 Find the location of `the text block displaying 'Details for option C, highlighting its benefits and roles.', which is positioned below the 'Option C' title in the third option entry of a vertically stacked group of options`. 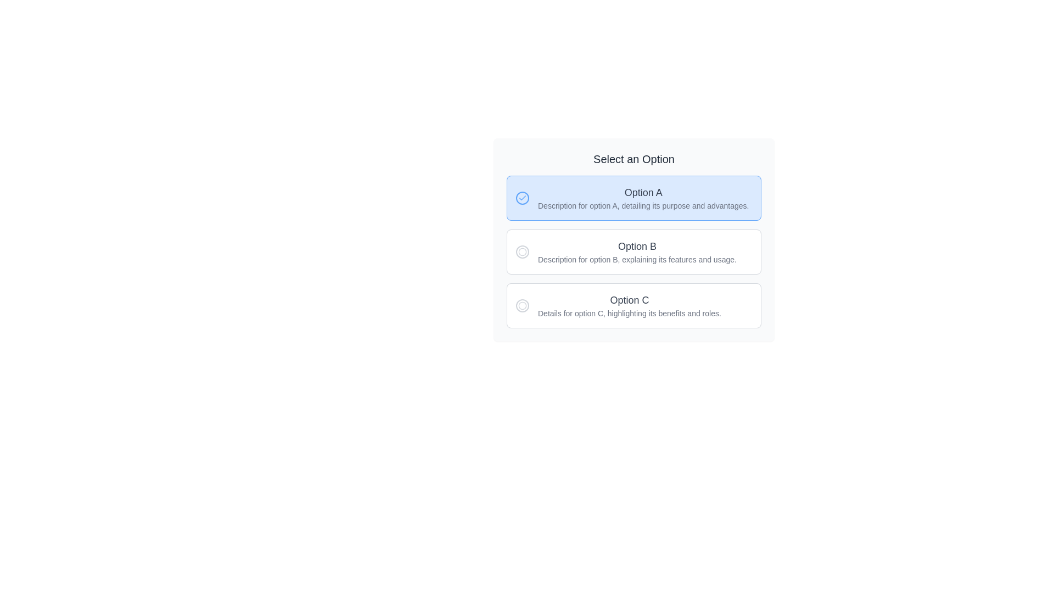

the text block displaying 'Details for option C, highlighting its benefits and roles.', which is positioned below the 'Option C' title in the third option entry of a vertically stacked group of options is located at coordinates (630, 313).